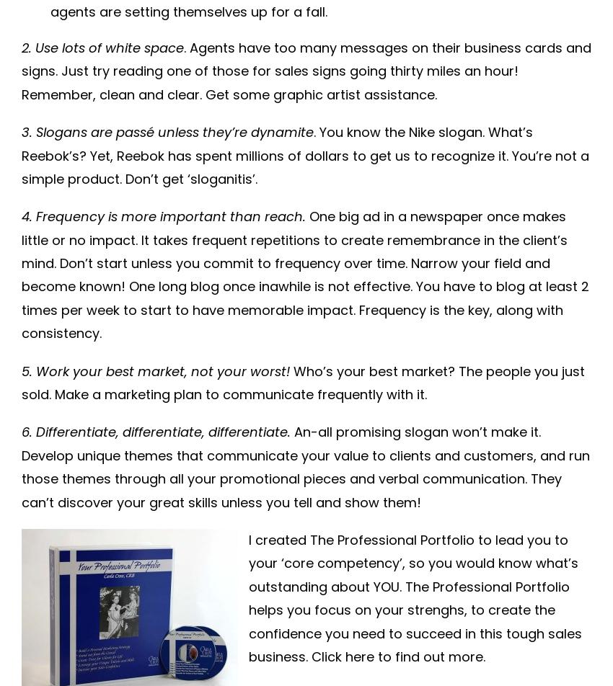 The width and height of the screenshot is (613, 686). Describe the element at coordinates (19, 432) in the screenshot. I see `'6. Differentiate, differentiate, differentiate.'` at that location.